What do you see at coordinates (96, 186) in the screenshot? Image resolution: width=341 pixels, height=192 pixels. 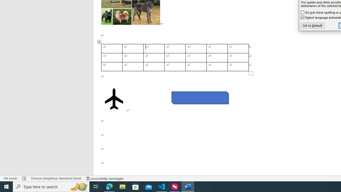 I see `'Task View'` at bounding box center [96, 186].